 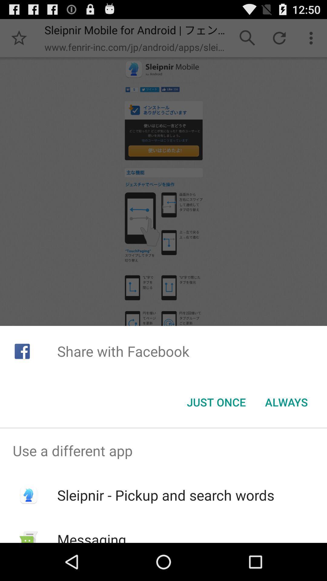 I want to click on messaging, so click(x=92, y=536).